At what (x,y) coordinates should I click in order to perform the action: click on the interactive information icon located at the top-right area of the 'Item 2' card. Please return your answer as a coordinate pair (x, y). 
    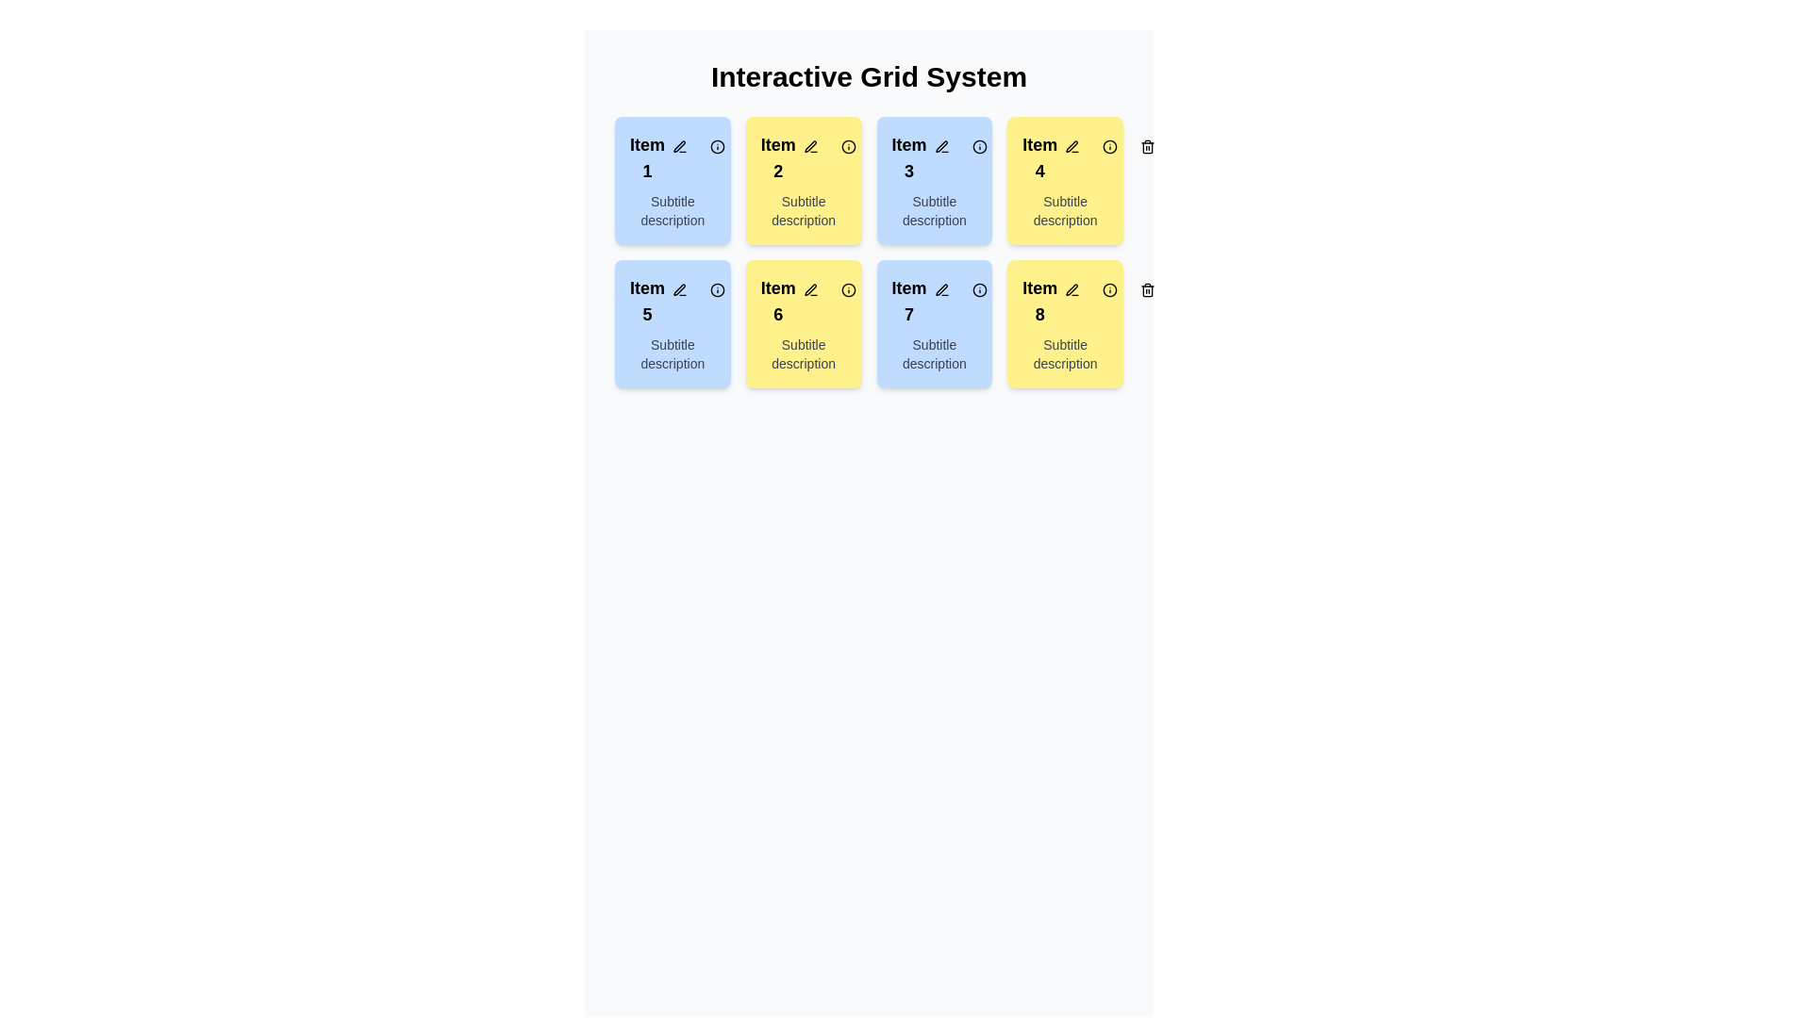
    Looking at the image, I should click on (847, 145).